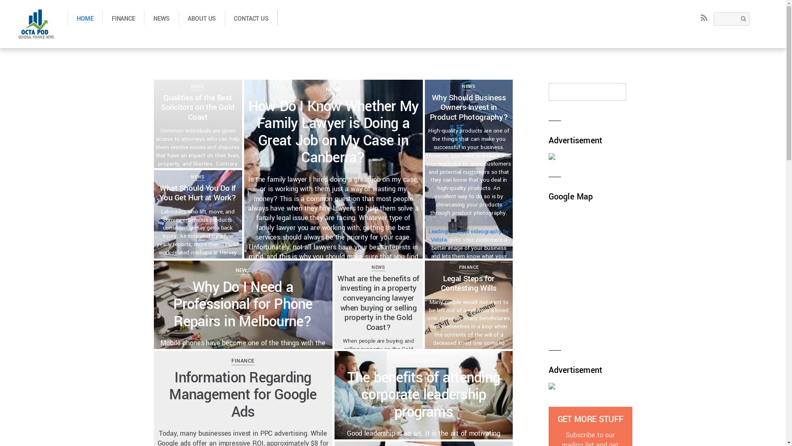  Describe the element at coordinates (469, 235) in the screenshot. I see `'Leading product videography by Vidsta'` at that location.